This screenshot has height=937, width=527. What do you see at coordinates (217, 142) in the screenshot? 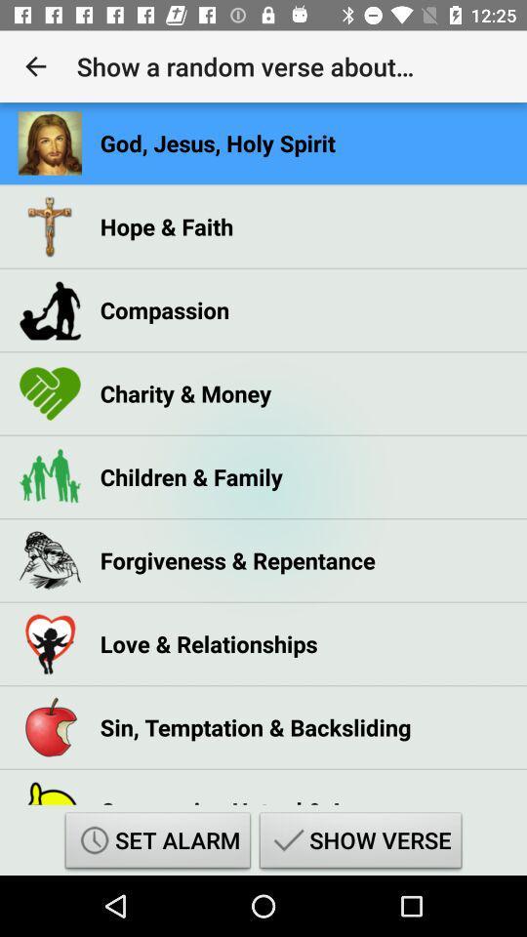
I see `god jesus holy` at bounding box center [217, 142].